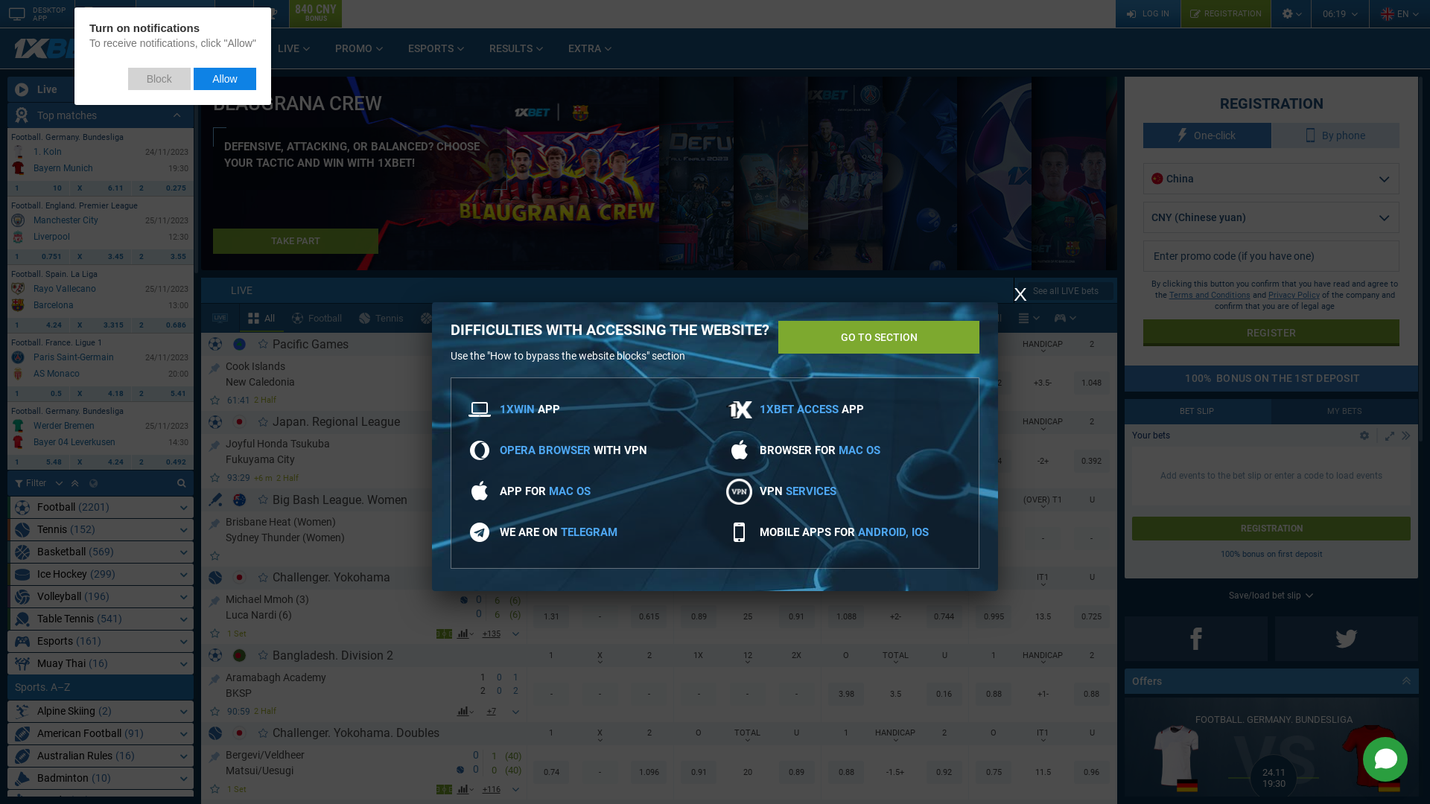 The height and width of the screenshot is (804, 1430). What do you see at coordinates (331, 576) in the screenshot?
I see `'Challenger. Yokohama'` at bounding box center [331, 576].